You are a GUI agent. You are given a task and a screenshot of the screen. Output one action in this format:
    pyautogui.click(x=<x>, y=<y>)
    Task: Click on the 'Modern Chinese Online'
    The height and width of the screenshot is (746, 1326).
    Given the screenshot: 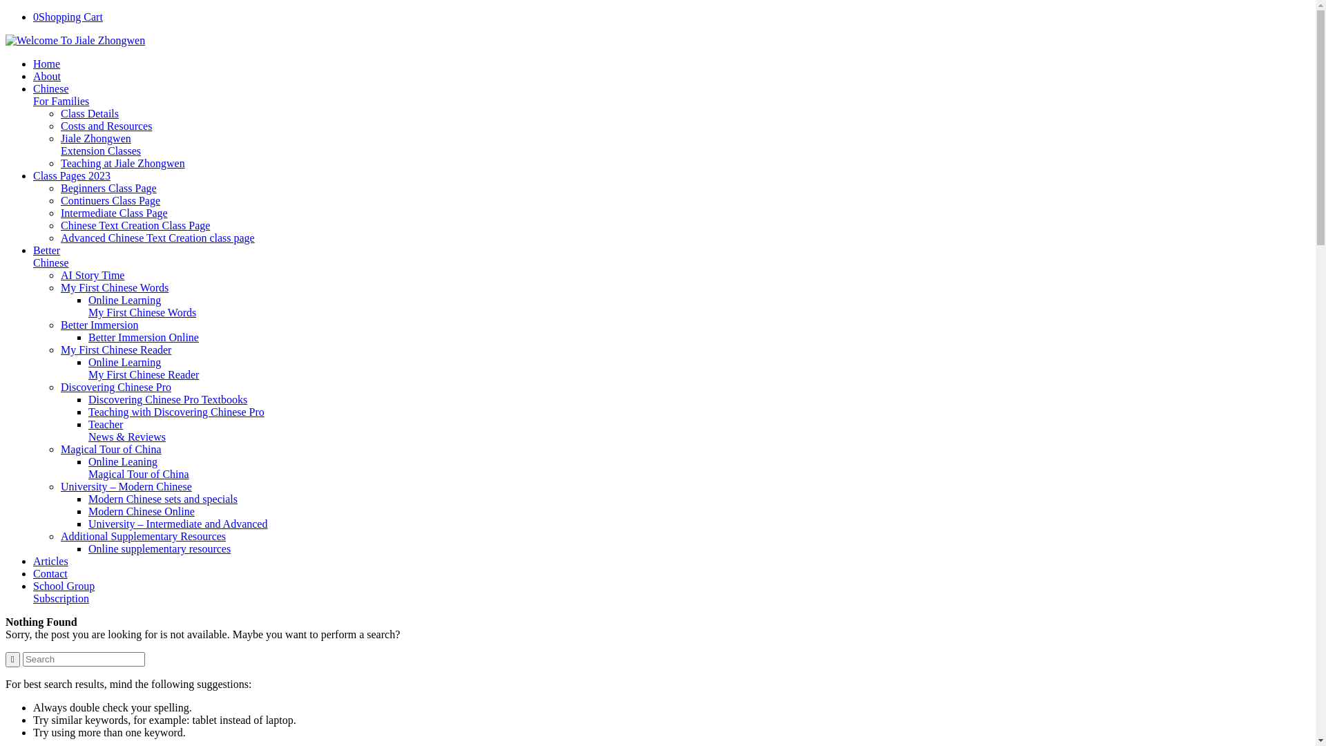 What is the action you would take?
    pyautogui.click(x=142, y=511)
    